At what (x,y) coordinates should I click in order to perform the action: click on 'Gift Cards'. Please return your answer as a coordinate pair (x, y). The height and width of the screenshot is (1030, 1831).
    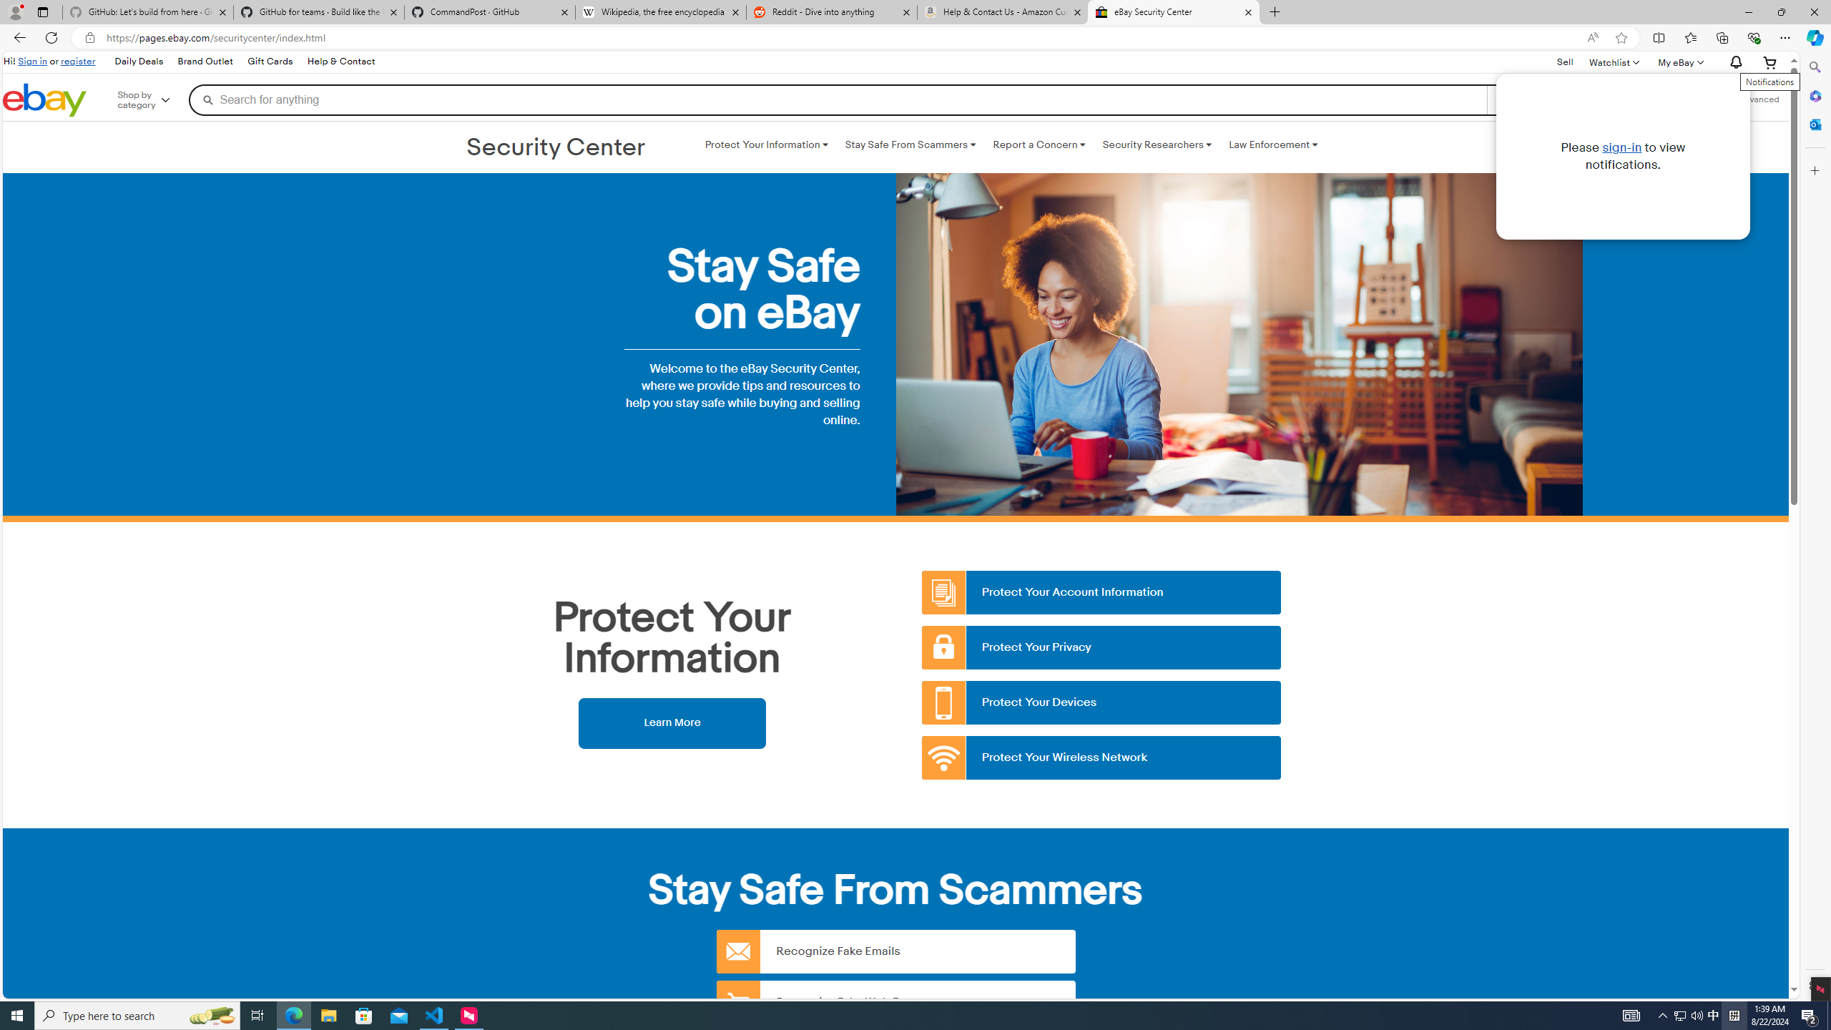
    Looking at the image, I should click on (269, 62).